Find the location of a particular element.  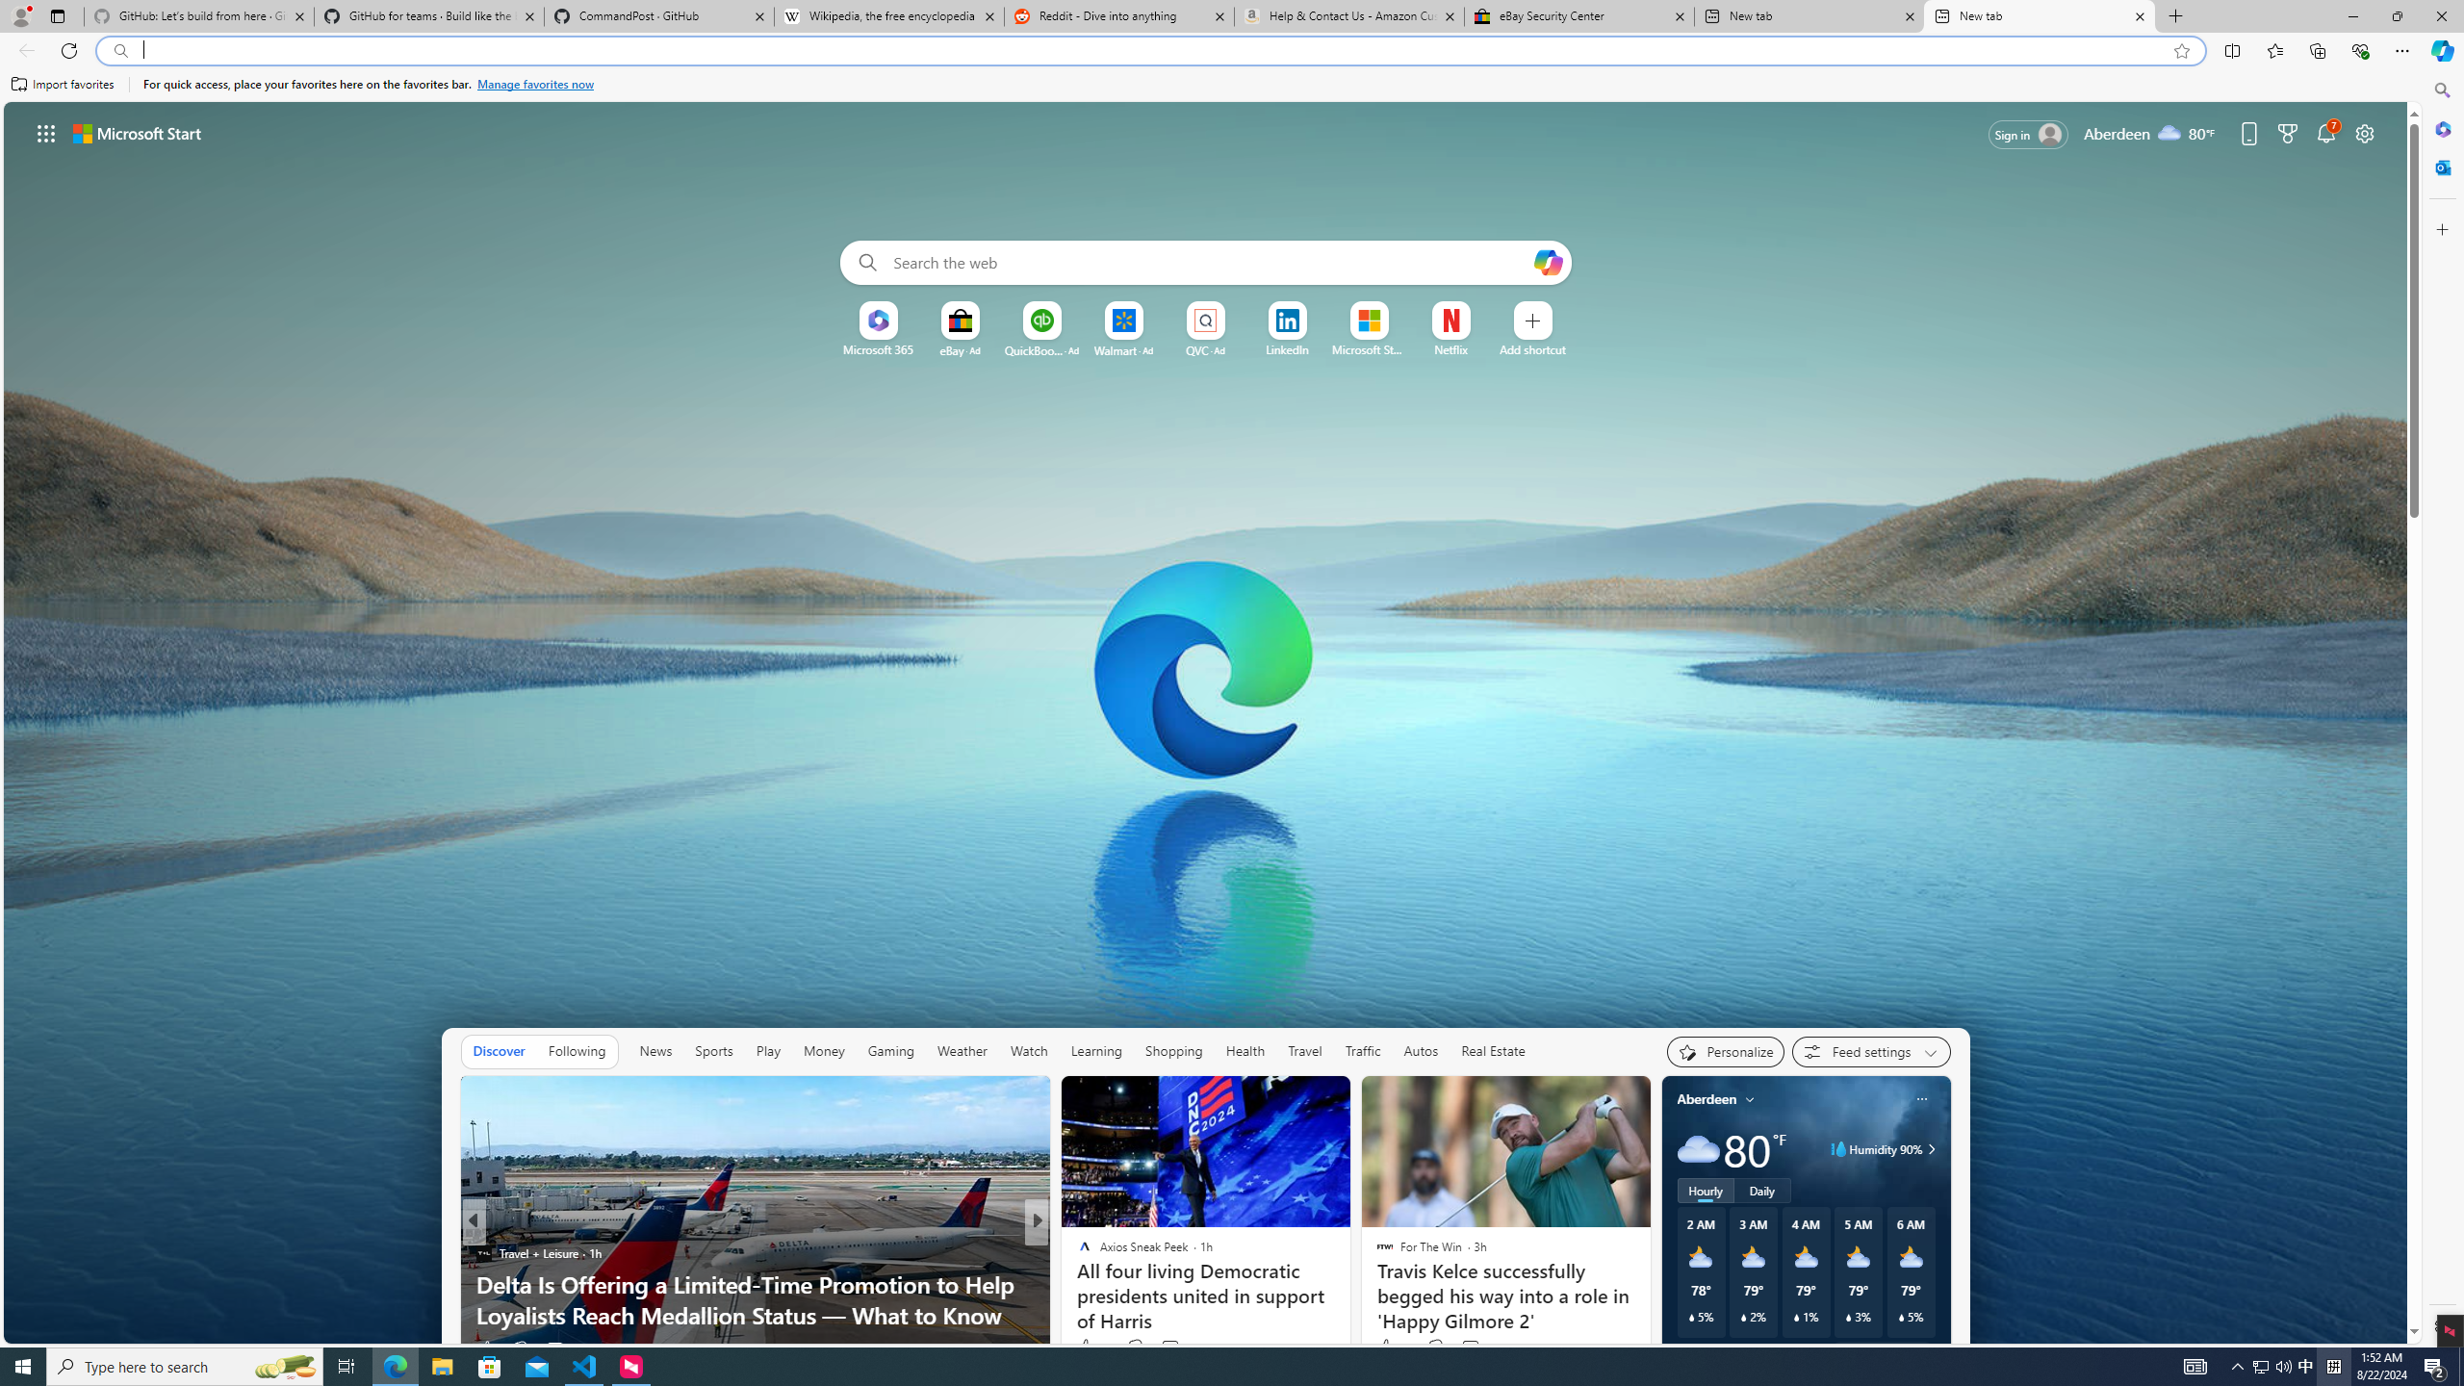

'Autos' is located at coordinates (1421, 1050).